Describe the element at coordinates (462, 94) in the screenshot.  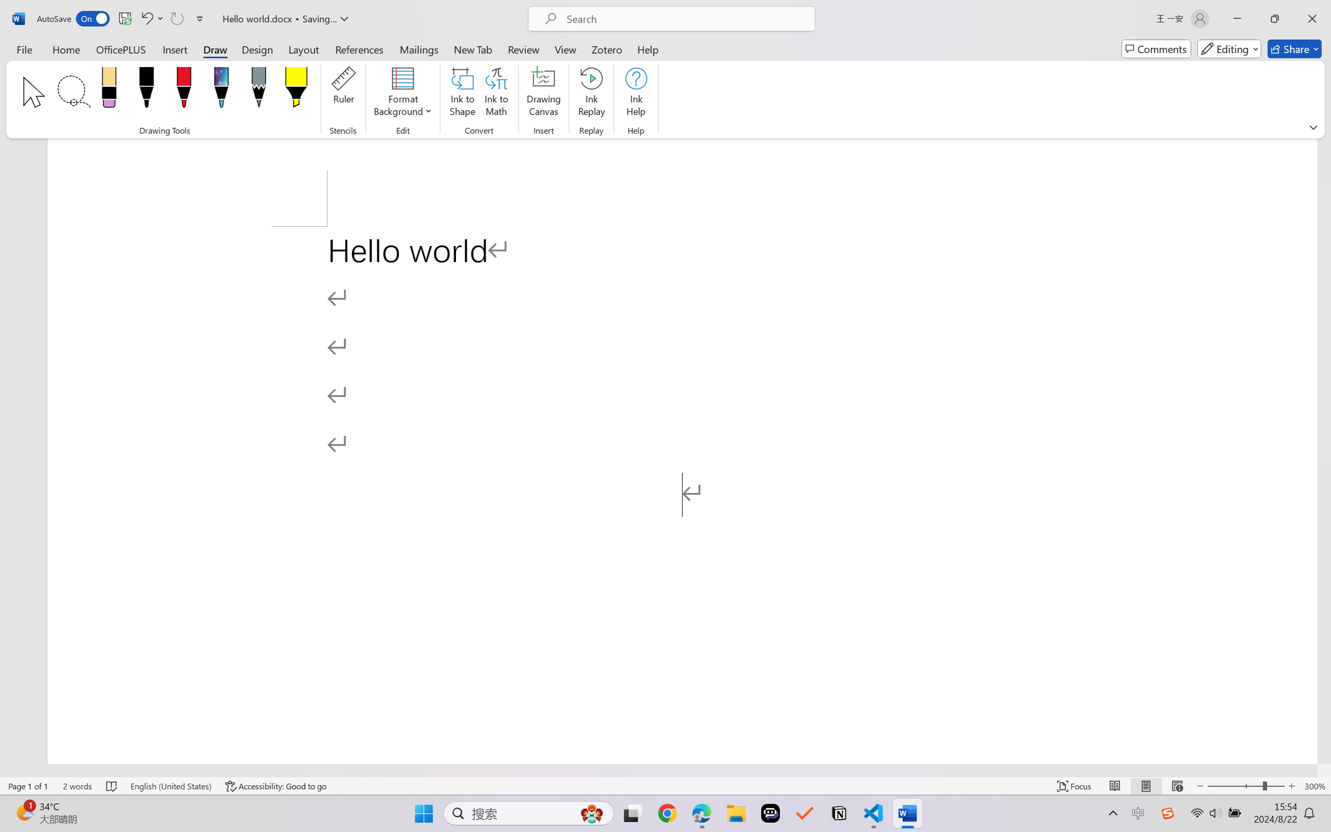
I see `'Ink to Shape'` at that location.